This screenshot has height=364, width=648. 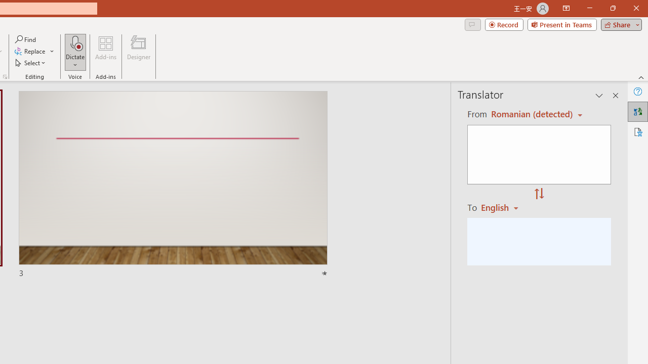 What do you see at coordinates (75, 42) in the screenshot?
I see `'Dictate'` at bounding box center [75, 42].